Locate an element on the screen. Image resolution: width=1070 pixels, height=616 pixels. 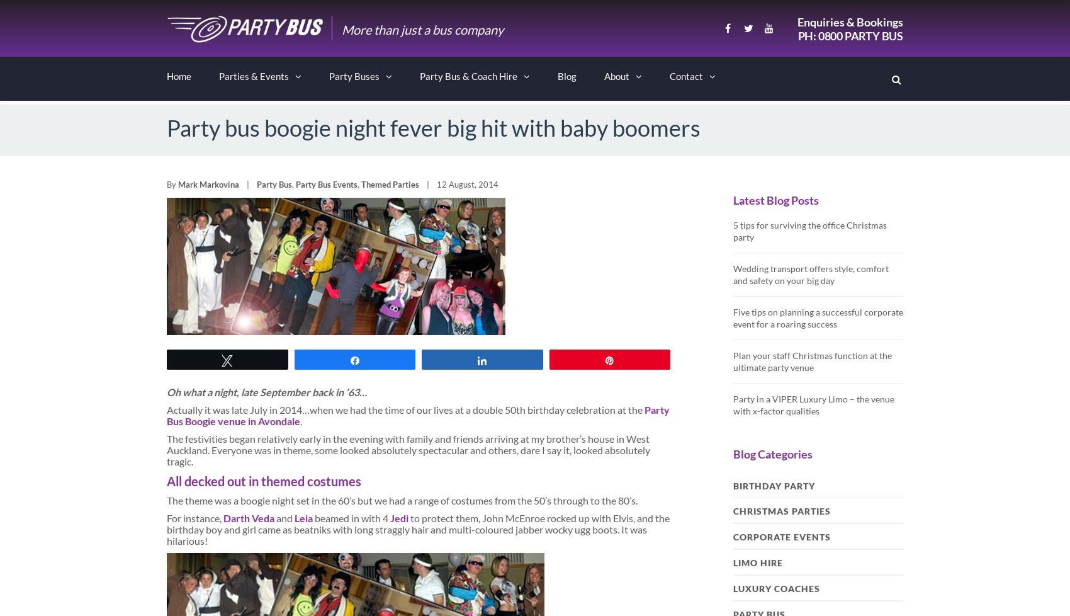
'Party in a VIPER Luxury Limo – the venue with x-factor qualities' is located at coordinates (733, 405).